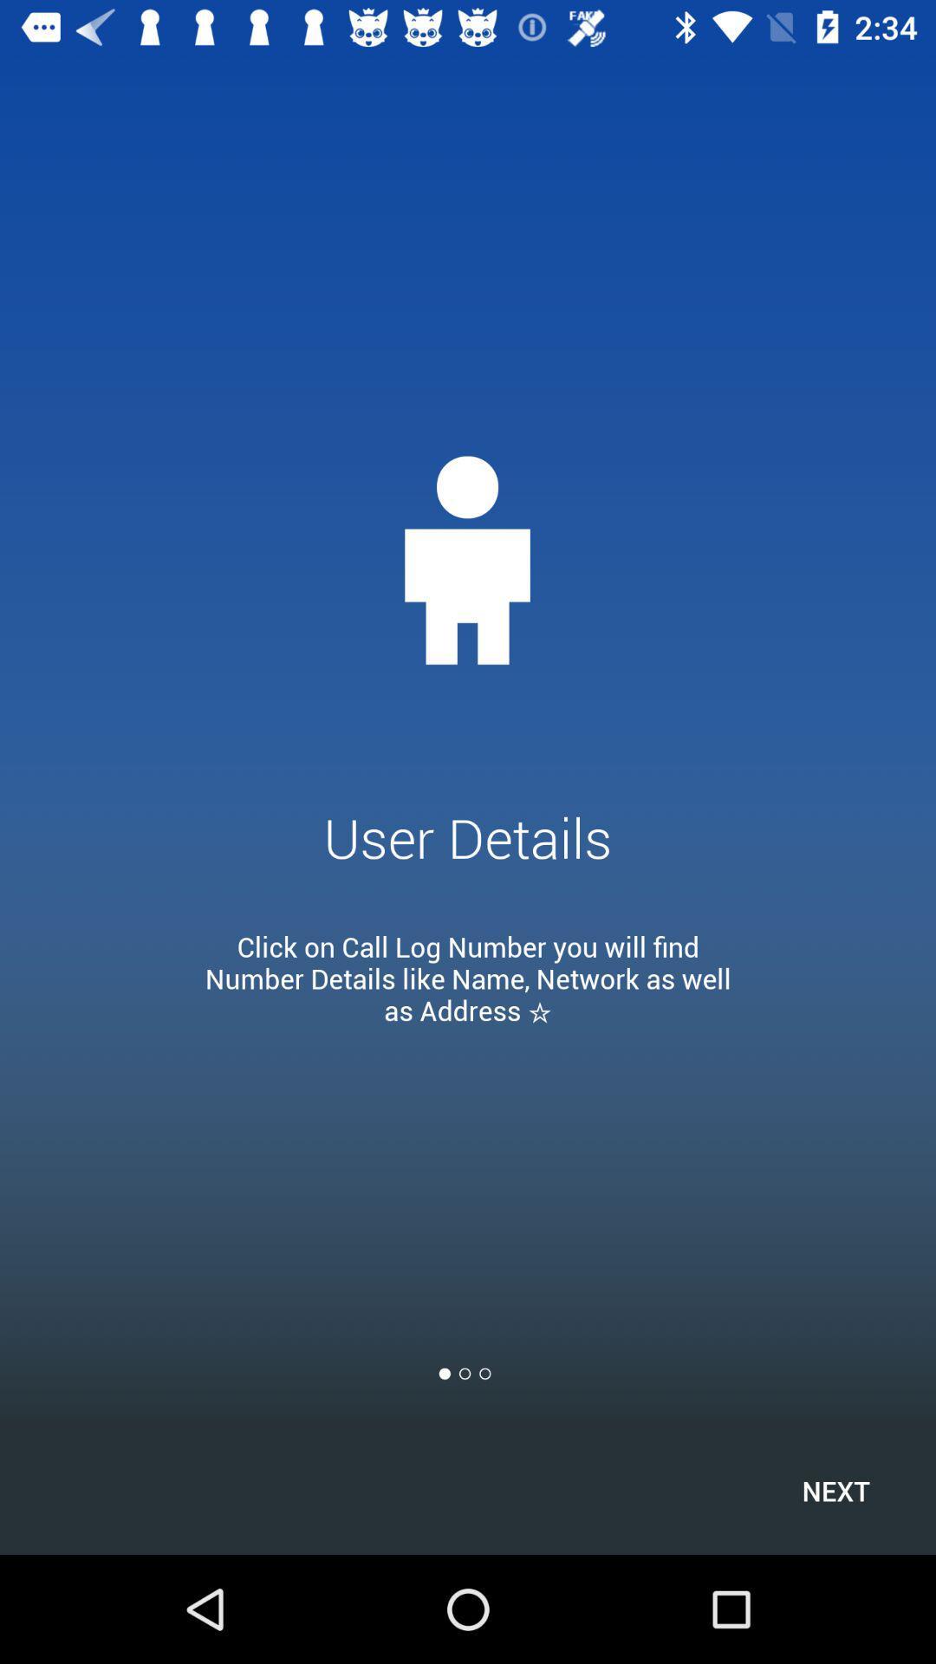 Image resolution: width=936 pixels, height=1664 pixels. What do you see at coordinates (835, 1490) in the screenshot?
I see `the next icon` at bounding box center [835, 1490].